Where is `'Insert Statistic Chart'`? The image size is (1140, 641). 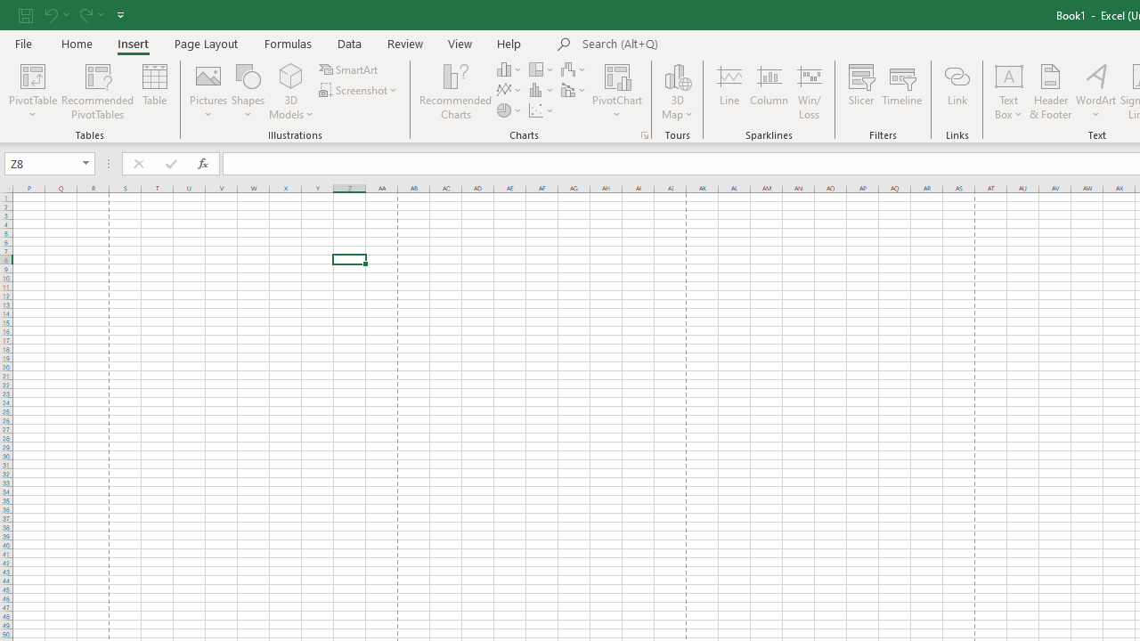 'Insert Statistic Chart' is located at coordinates (541, 90).